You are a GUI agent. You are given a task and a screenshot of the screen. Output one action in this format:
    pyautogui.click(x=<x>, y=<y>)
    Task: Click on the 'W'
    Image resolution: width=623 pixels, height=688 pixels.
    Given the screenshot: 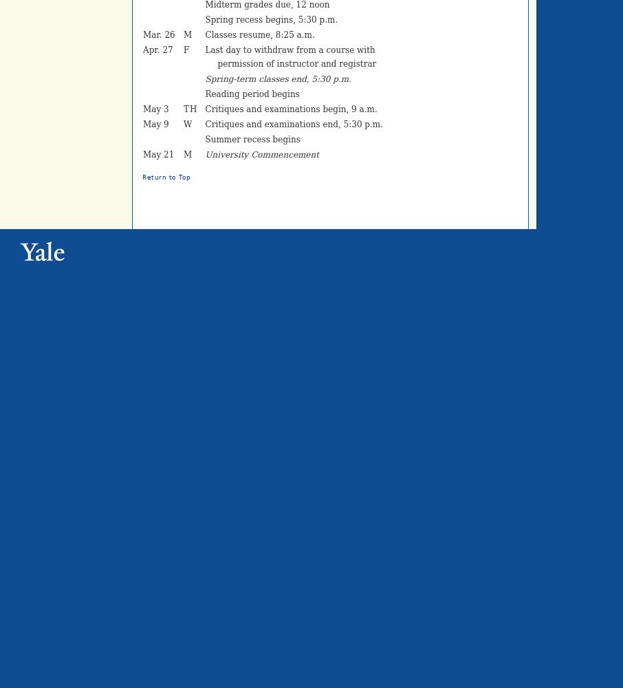 What is the action you would take?
    pyautogui.click(x=187, y=125)
    